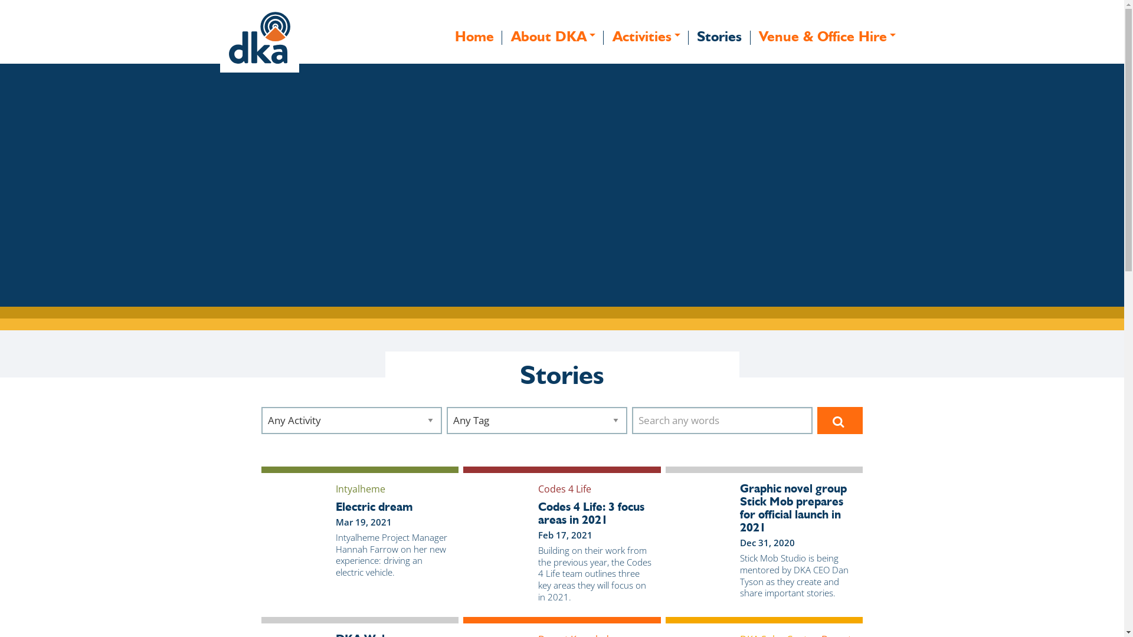 This screenshot has width=1133, height=637. Describe the element at coordinates (392, 506) in the screenshot. I see `'Electric dream'` at that location.